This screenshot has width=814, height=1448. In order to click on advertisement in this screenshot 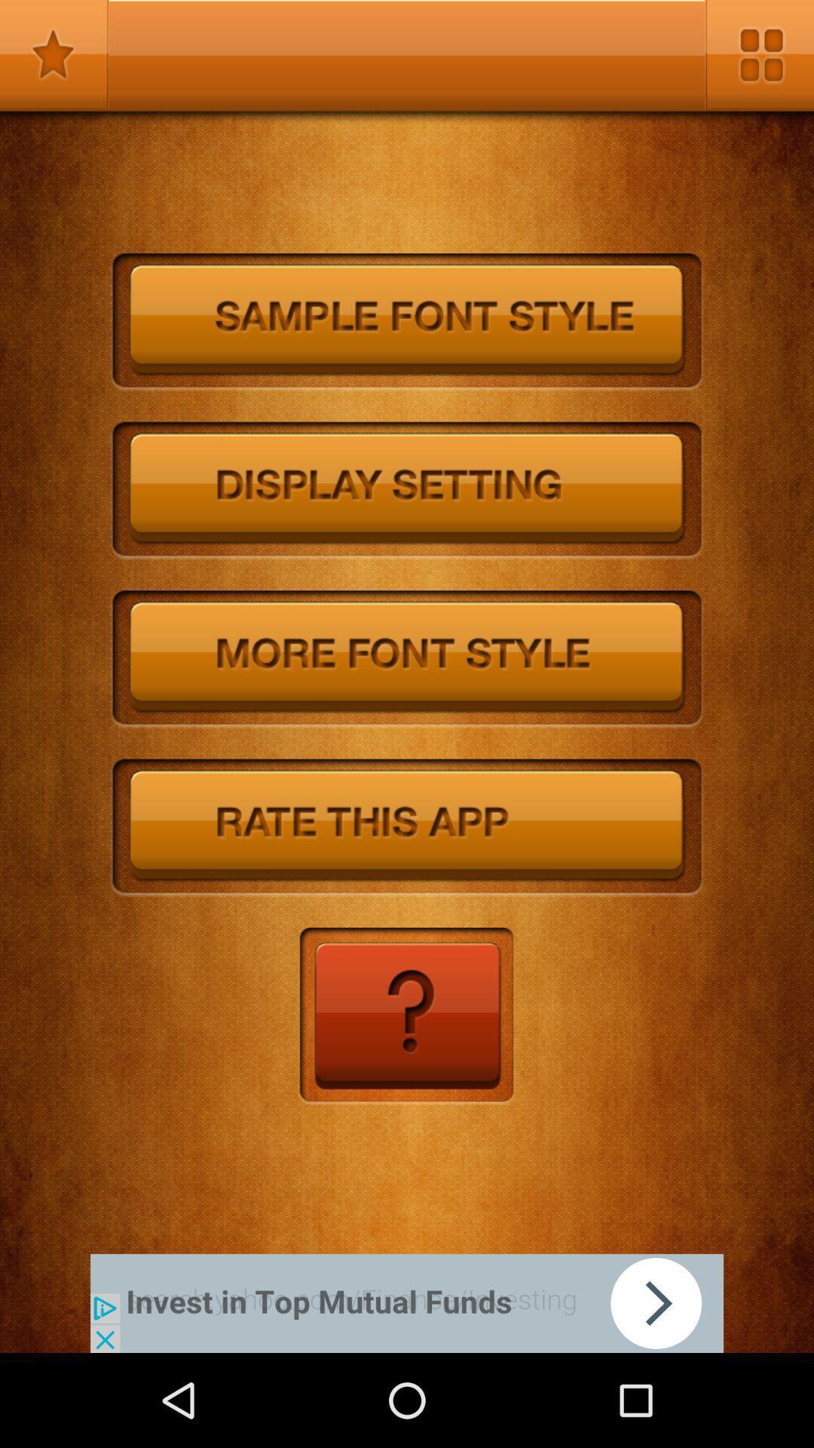, I will do `click(407, 1302)`.